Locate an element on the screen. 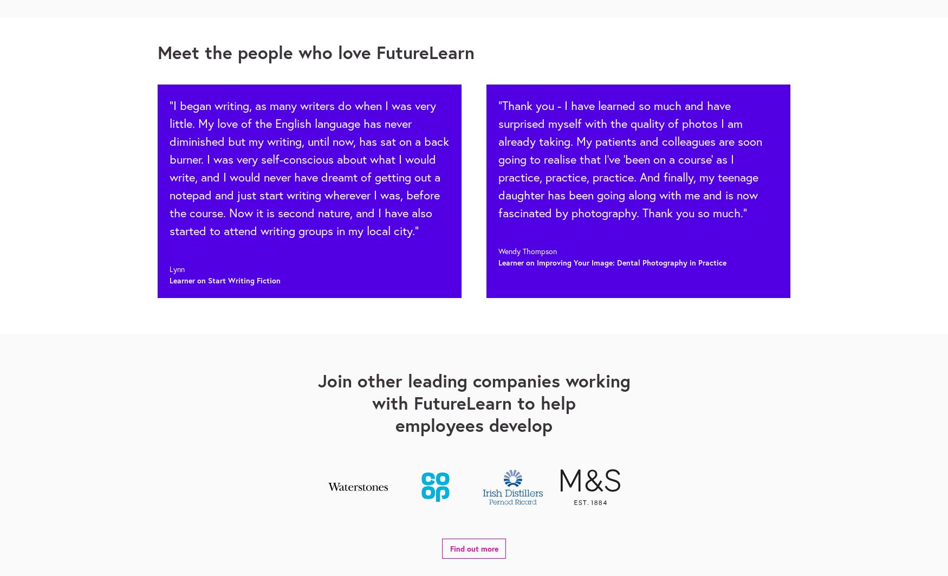 Image resolution: width=948 pixels, height=576 pixels. 'Wendy Thompson' is located at coordinates (528, 250).